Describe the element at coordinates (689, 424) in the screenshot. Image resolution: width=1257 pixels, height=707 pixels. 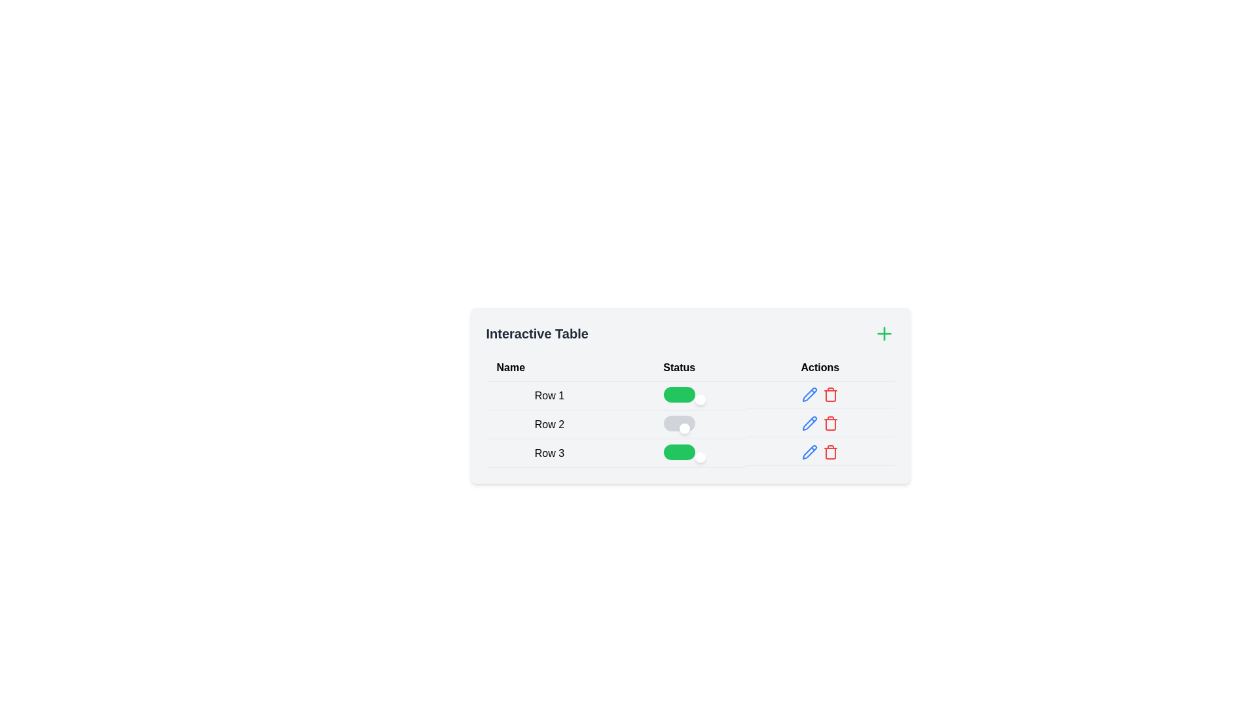
I see `the circle of the toggle switch located in the 'Status' column for 'Row 2'` at that location.